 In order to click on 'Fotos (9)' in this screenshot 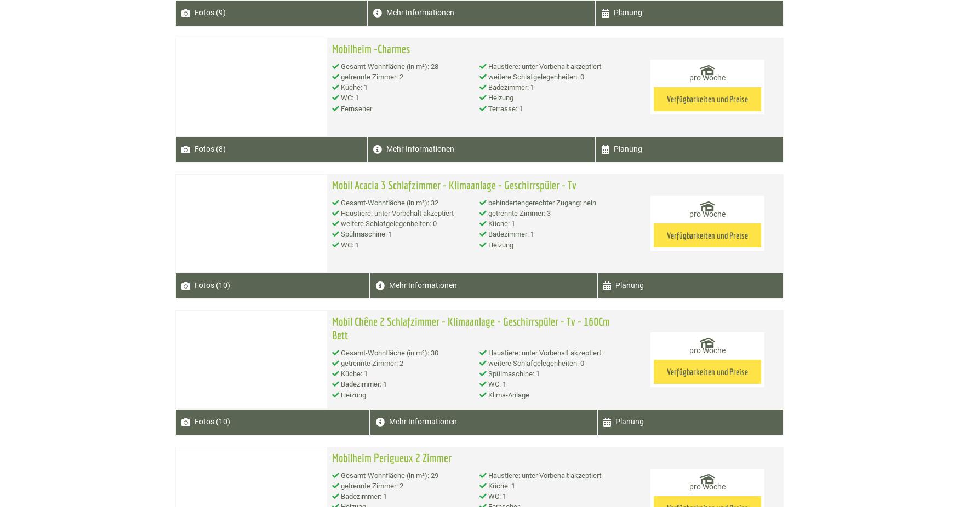, I will do `click(209, 12)`.